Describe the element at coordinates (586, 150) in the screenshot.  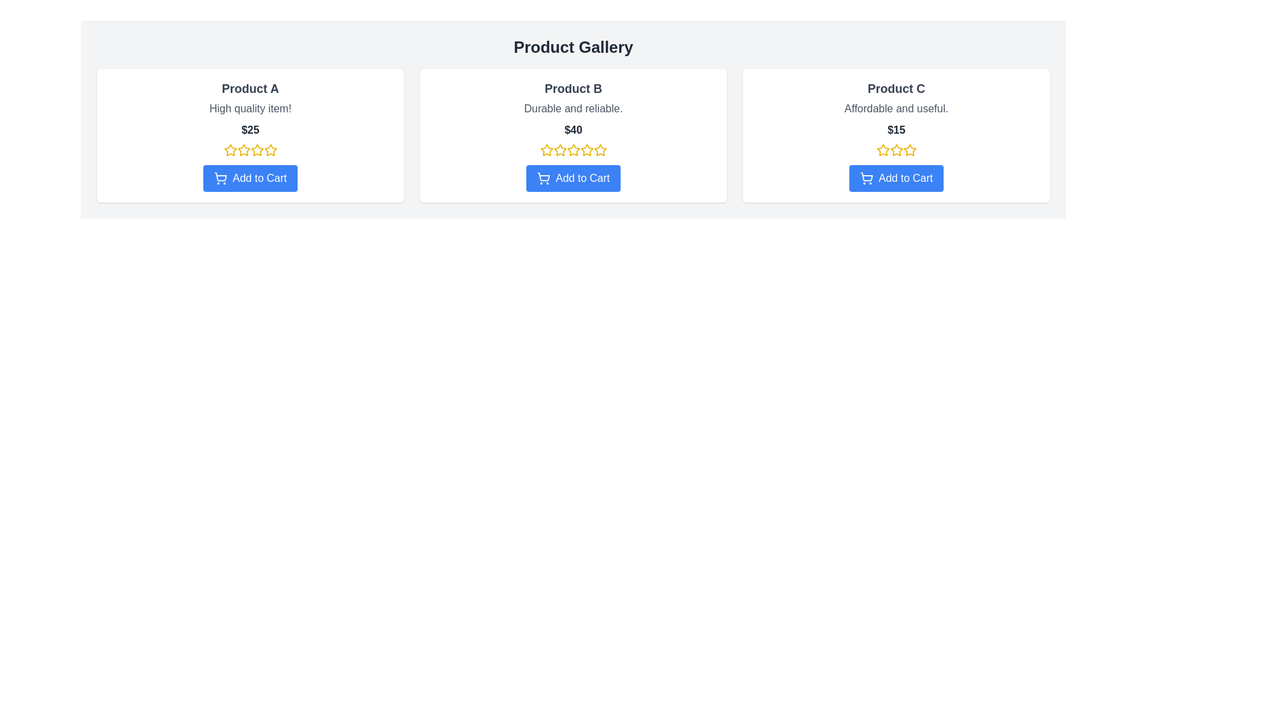
I see `the fourth star icon in the rating section of the 'Product B' card to provide a rating` at that location.